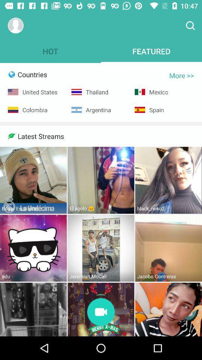  I want to click on stream video, so click(101, 312).